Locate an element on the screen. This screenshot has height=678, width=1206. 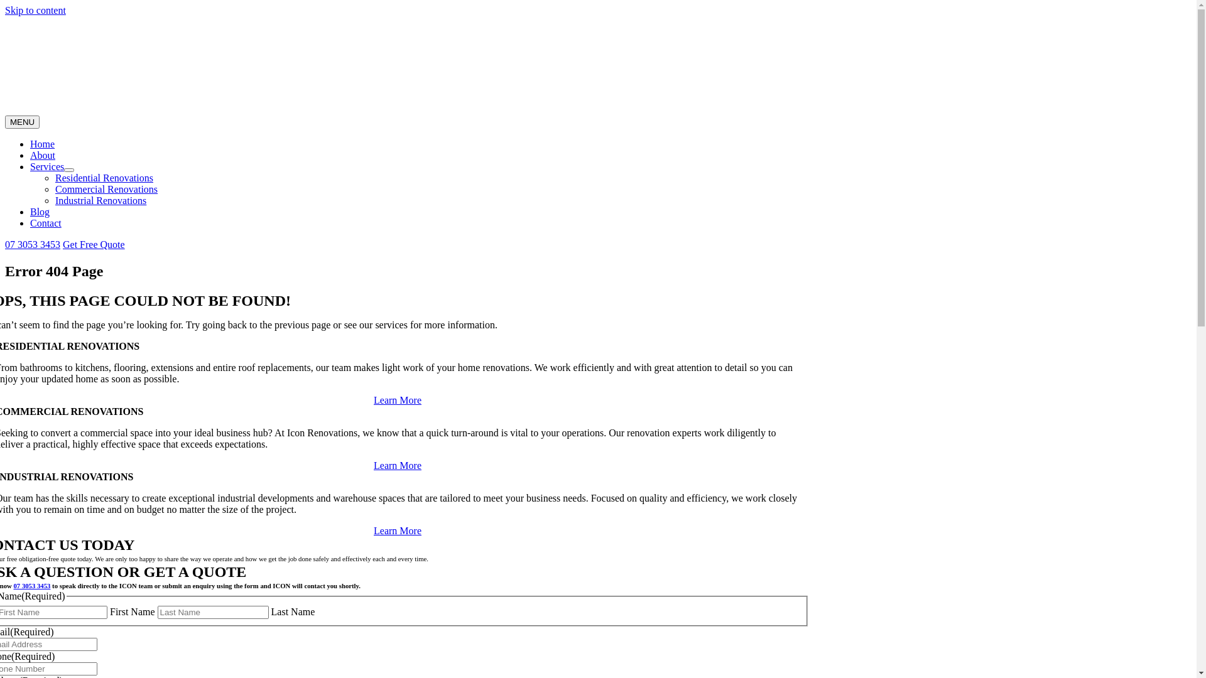
'07 3053 3453' is located at coordinates (31, 586).